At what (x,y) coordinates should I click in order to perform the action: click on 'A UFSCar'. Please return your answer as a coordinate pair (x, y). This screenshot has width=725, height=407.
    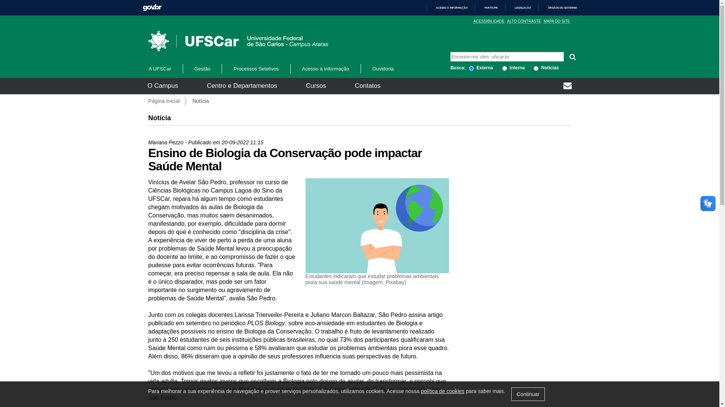
    Looking at the image, I should click on (164, 69).